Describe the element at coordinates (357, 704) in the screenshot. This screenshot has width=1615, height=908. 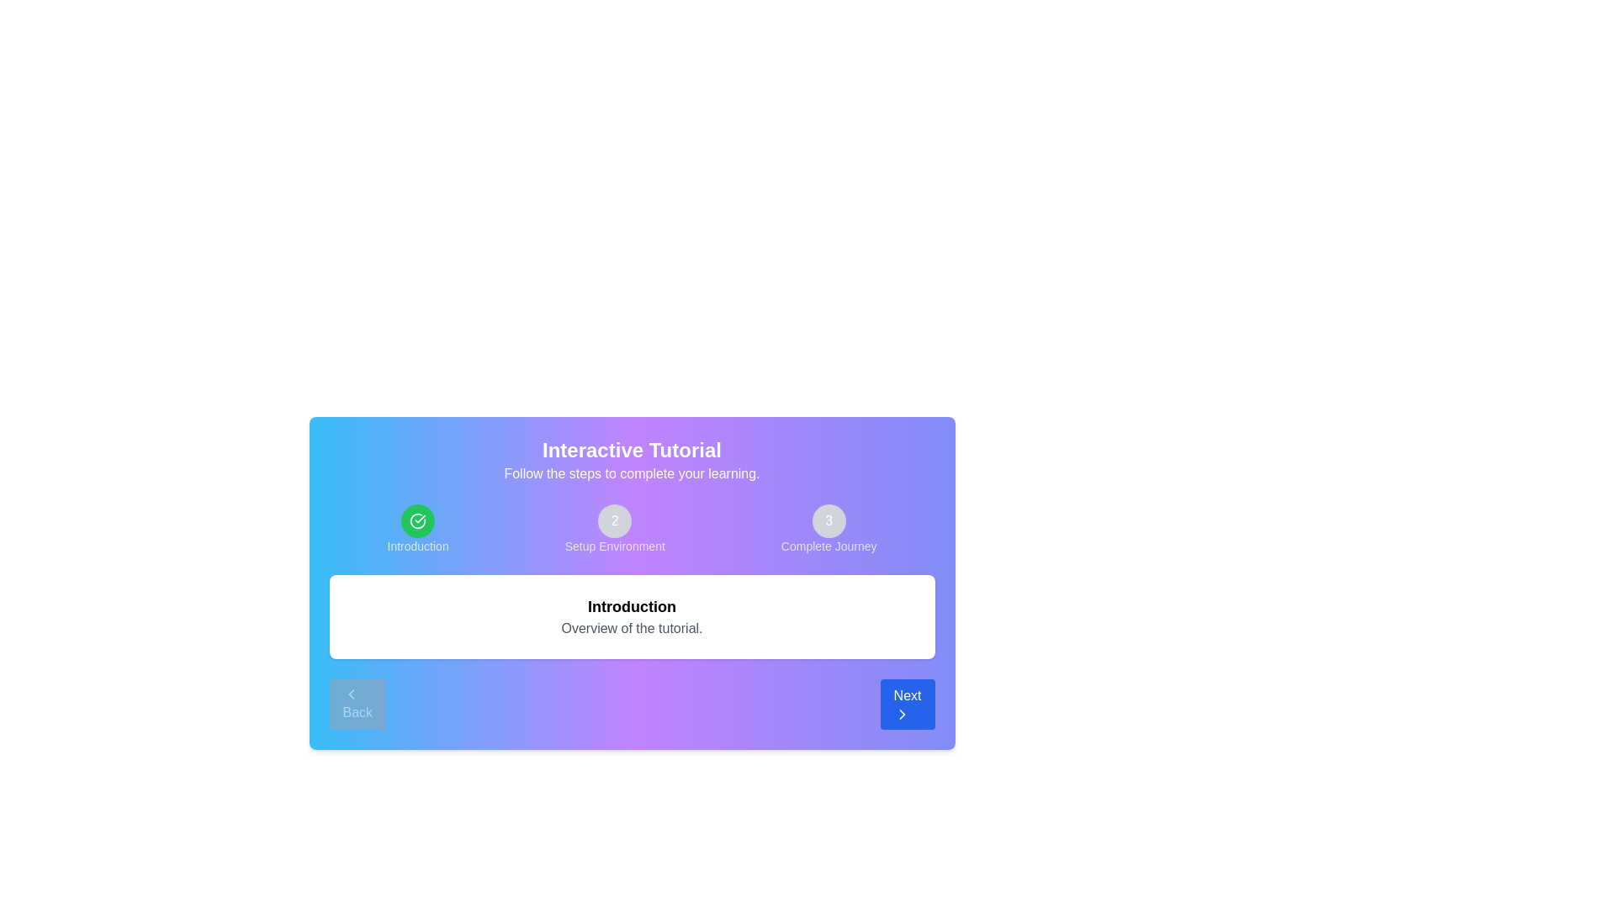
I see `the 'Back' button to navigate to the previous tutorial step` at that location.